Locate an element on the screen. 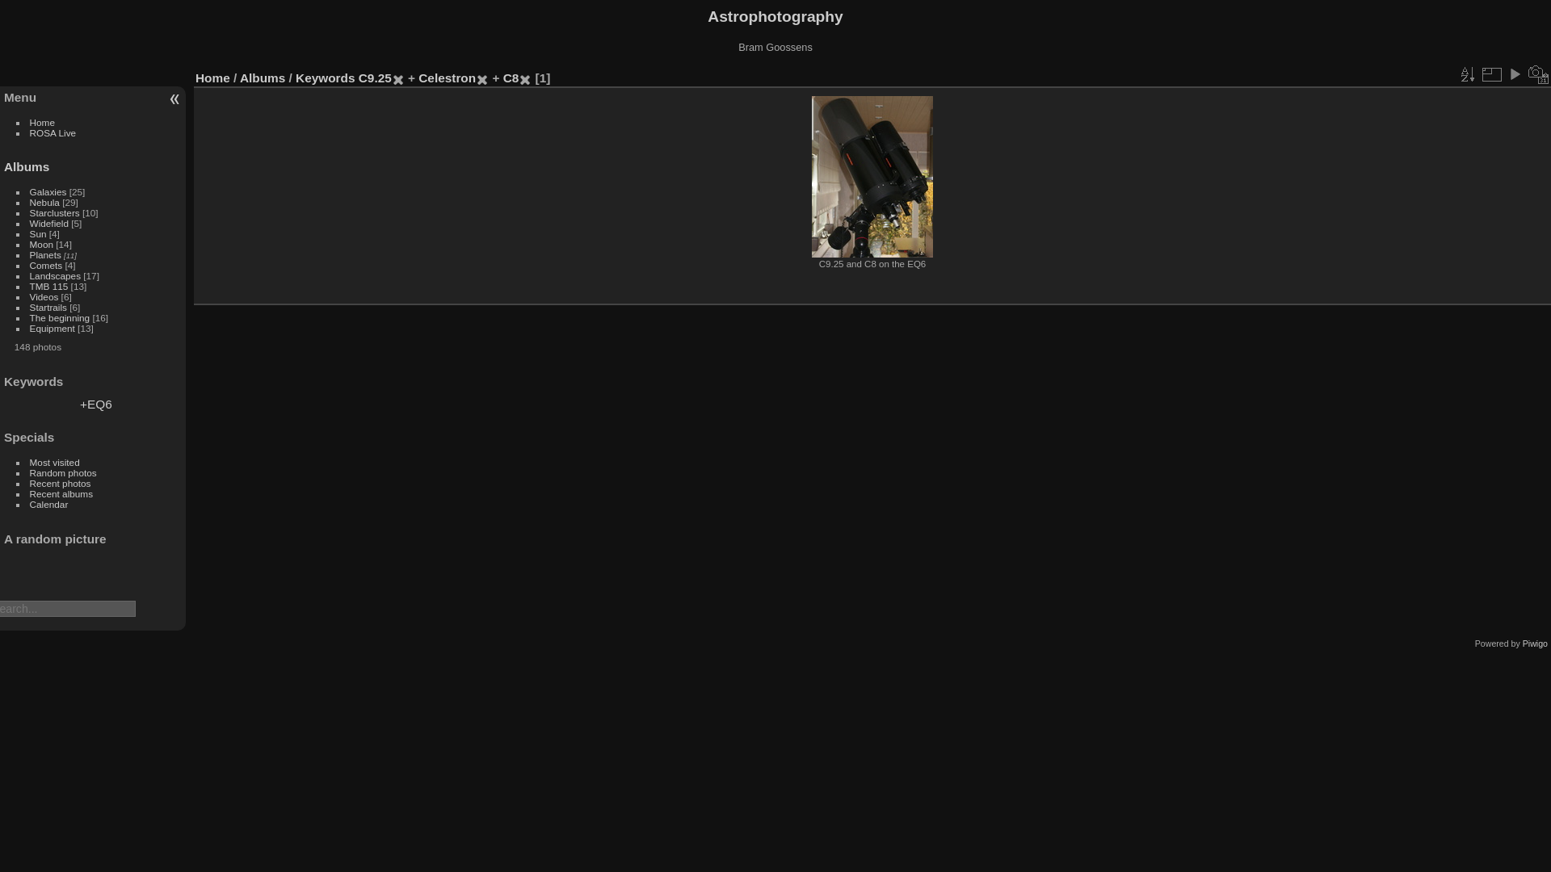  'C9.25 and C8 on the EQ6 (23066 visits)' is located at coordinates (872, 177).